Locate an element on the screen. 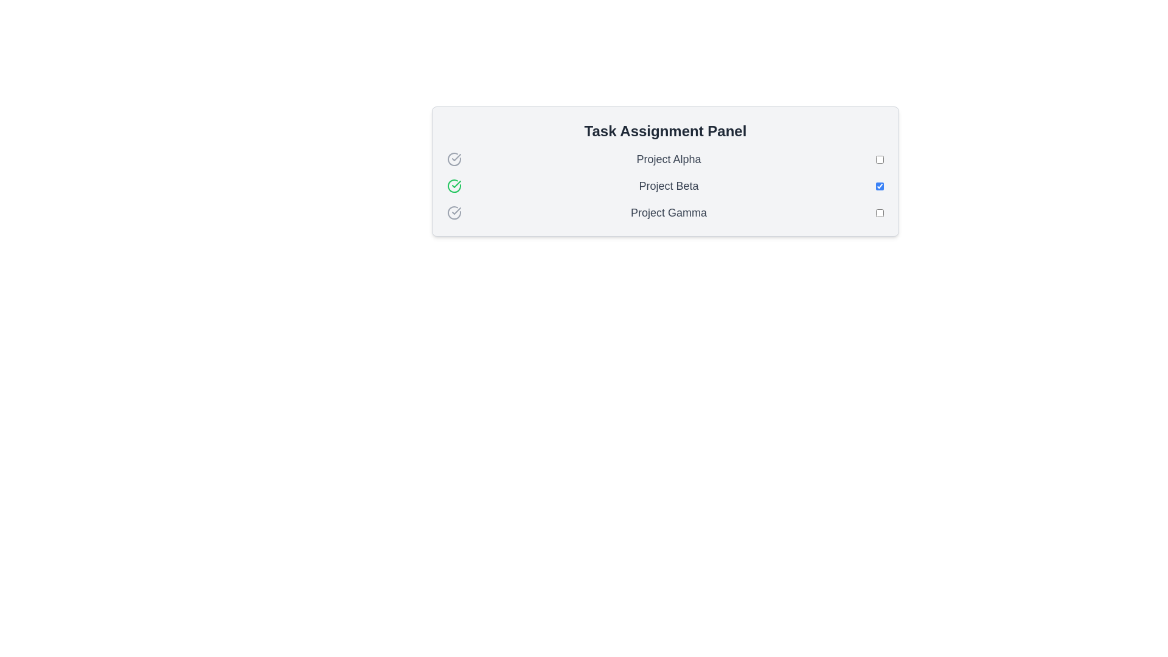 The image size is (1168, 657). the circular gray icon with a check mark inside, located to the left of the text 'Project Alpha' is located at coordinates (454, 159).